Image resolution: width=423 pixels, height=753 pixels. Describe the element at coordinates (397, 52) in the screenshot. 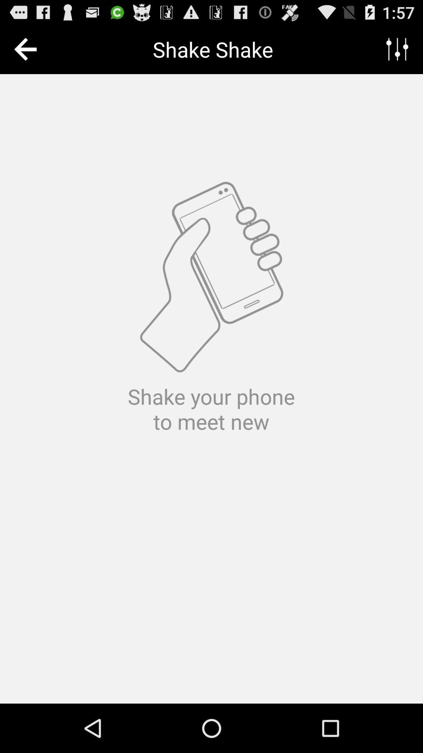

I see `the sliders icon` at that location.